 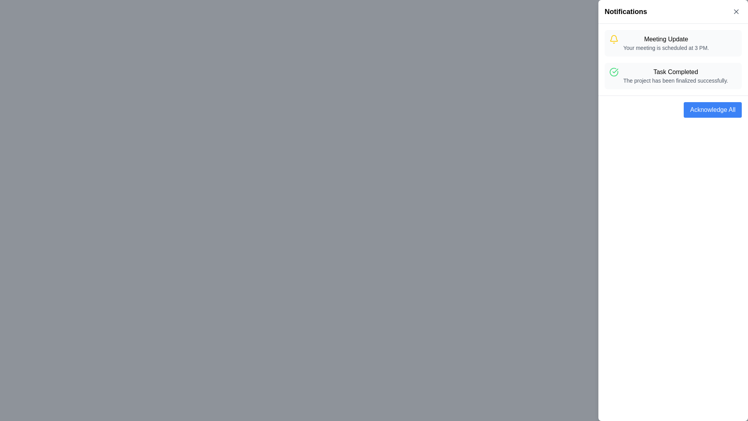 I want to click on the second notification card in the notification panel, so click(x=673, y=76).